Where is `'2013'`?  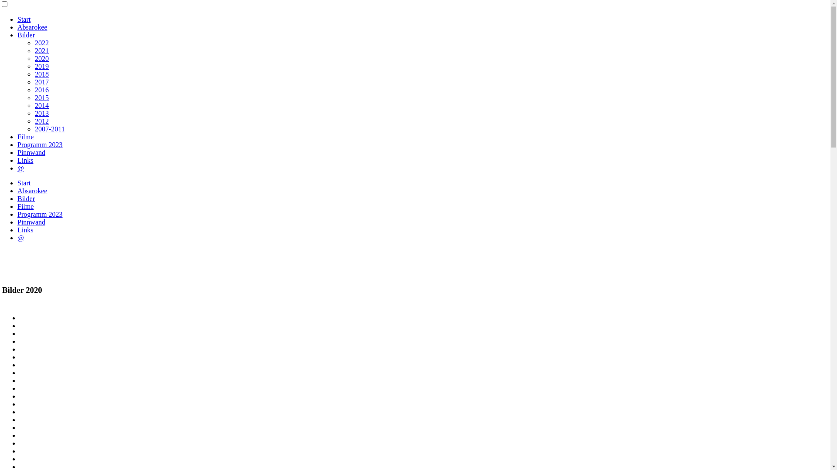 '2013' is located at coordinates (35, 113).